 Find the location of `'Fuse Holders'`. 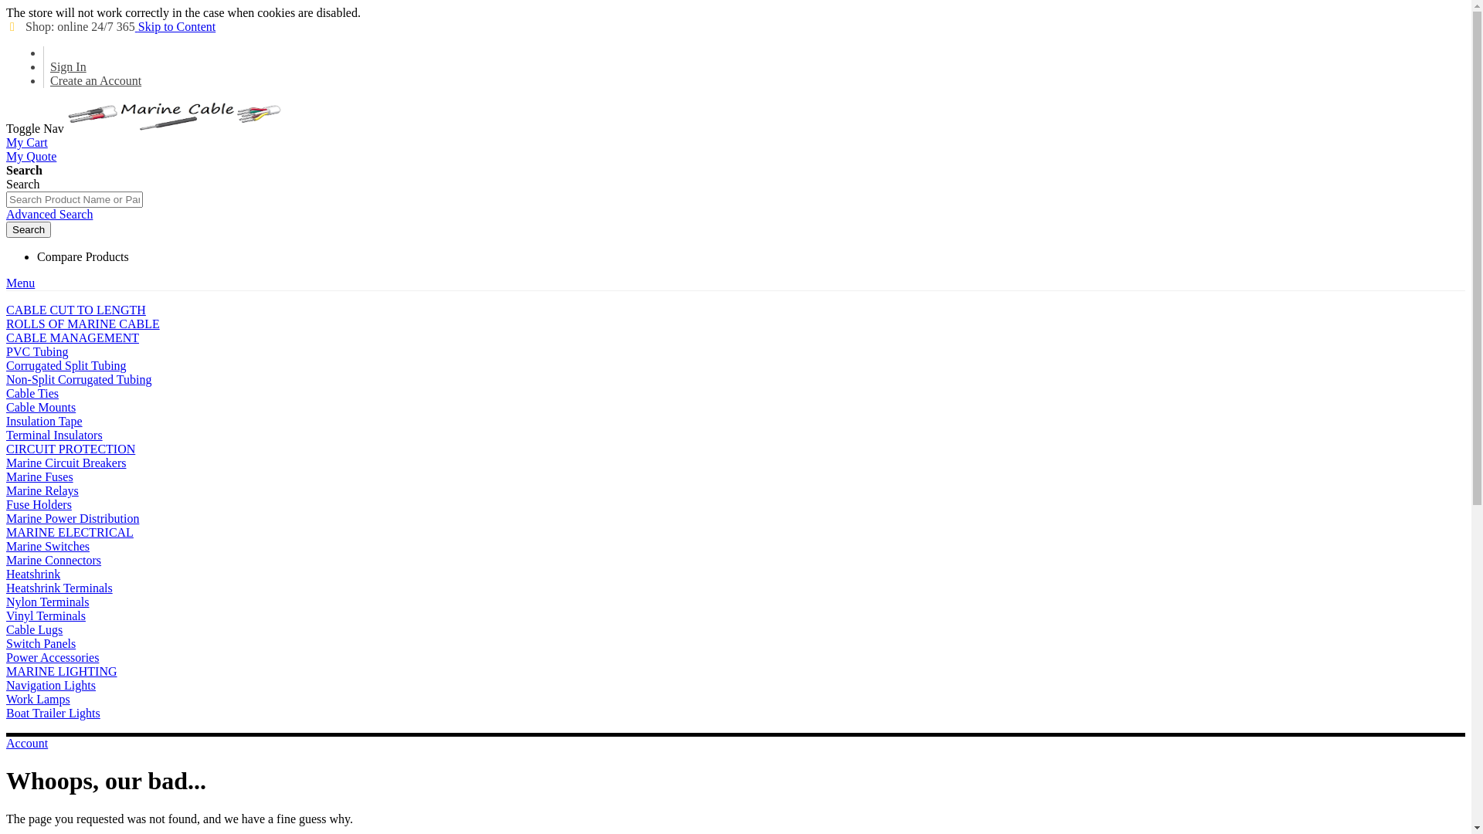

'Fuse Holders' is located at coordinates (39, 504).